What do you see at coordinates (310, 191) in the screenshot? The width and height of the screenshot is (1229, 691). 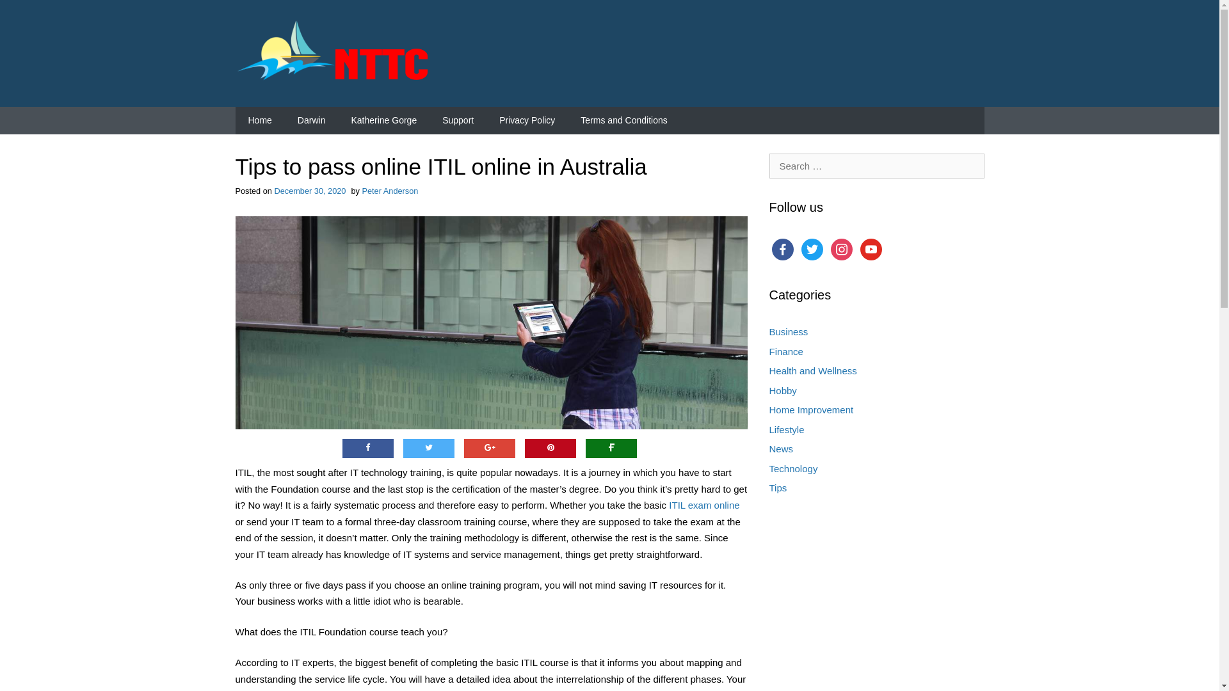 I see `'December 30, 2020'` at bounding box center [310, 191].